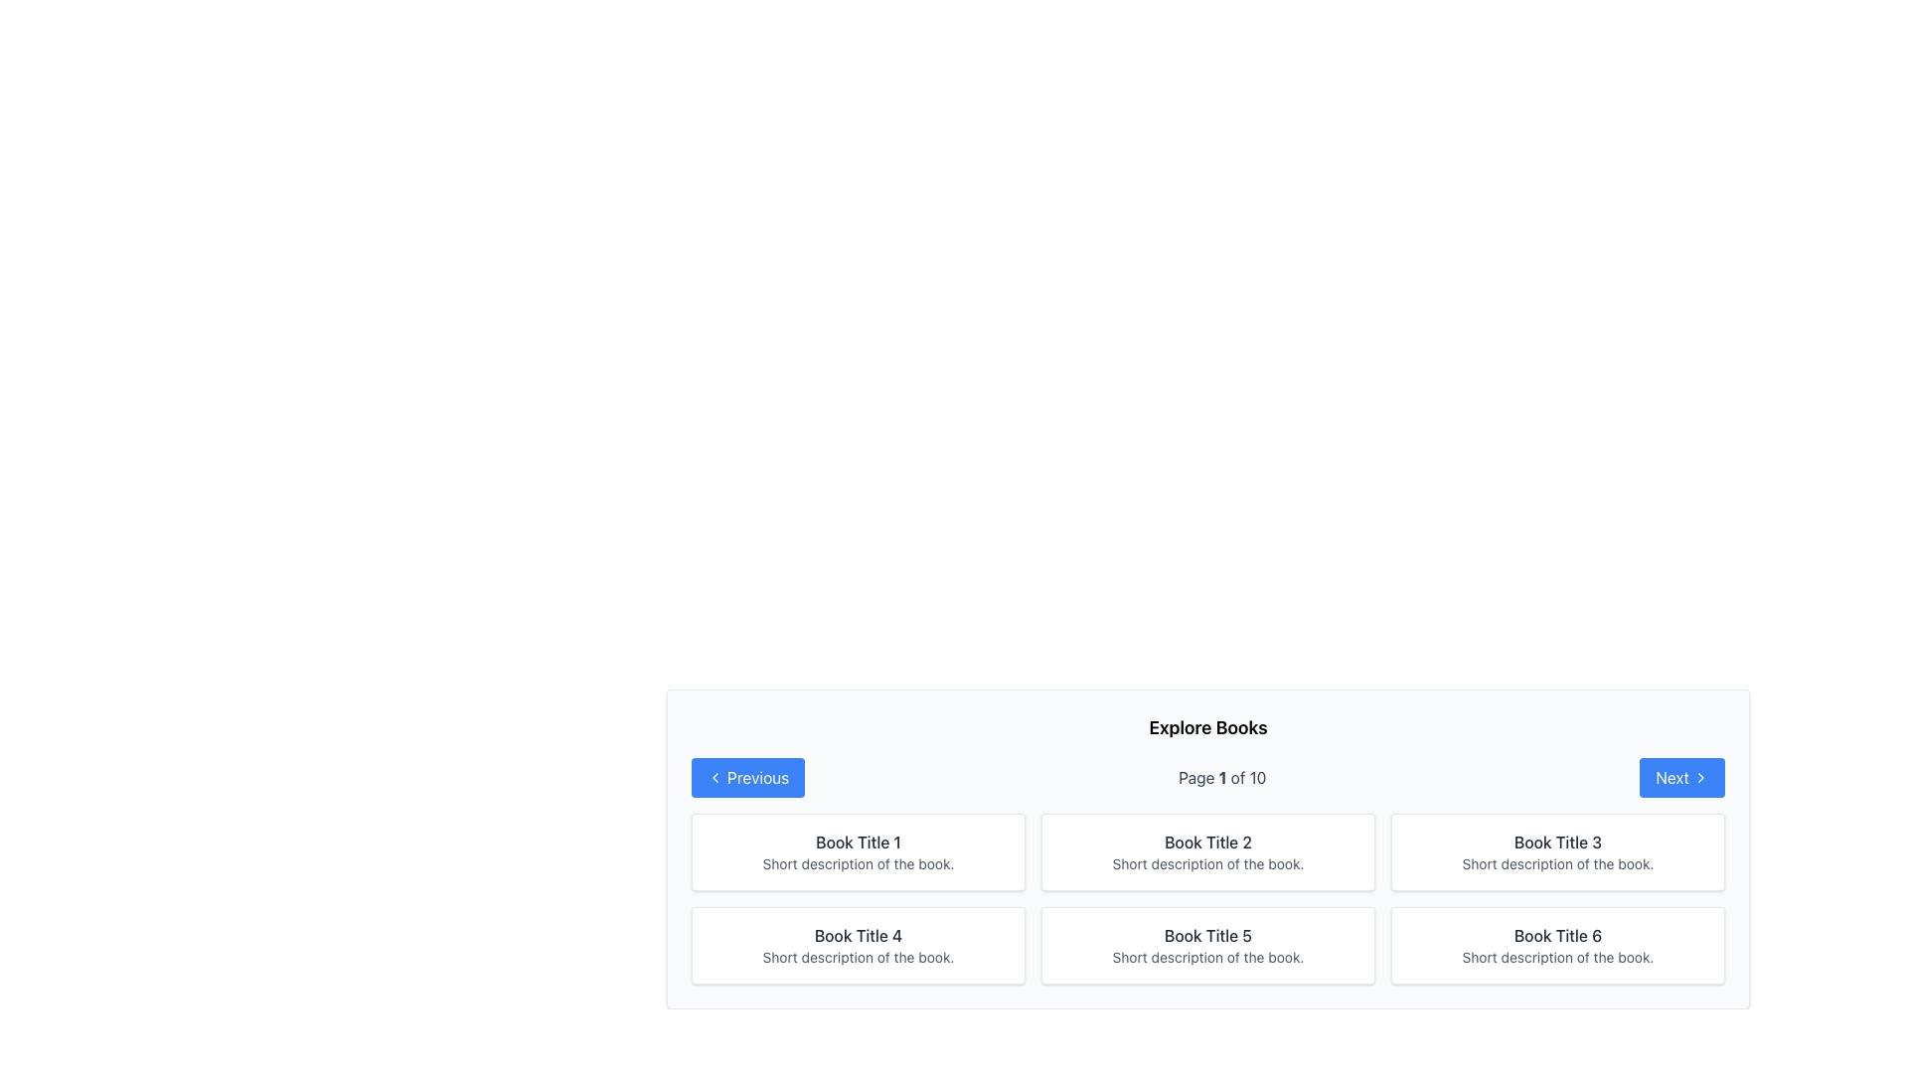 The width and height of the screenshot is (1908, 1073). I want to click on text content that is styled with a smaller font size and gray color, located immediately beneath the title 'Book Title 5' within a white-bordered card, so click(1206, 957).